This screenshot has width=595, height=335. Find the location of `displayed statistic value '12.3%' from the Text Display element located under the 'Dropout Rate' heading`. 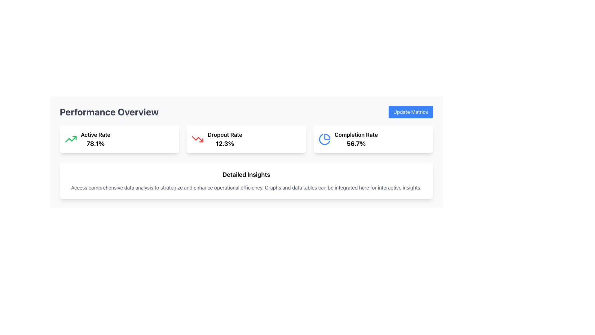

displayed statistic value '12.3%' from the Text Display element located under the 'Dropout Rate' heading is located at coordinates (224, 143).